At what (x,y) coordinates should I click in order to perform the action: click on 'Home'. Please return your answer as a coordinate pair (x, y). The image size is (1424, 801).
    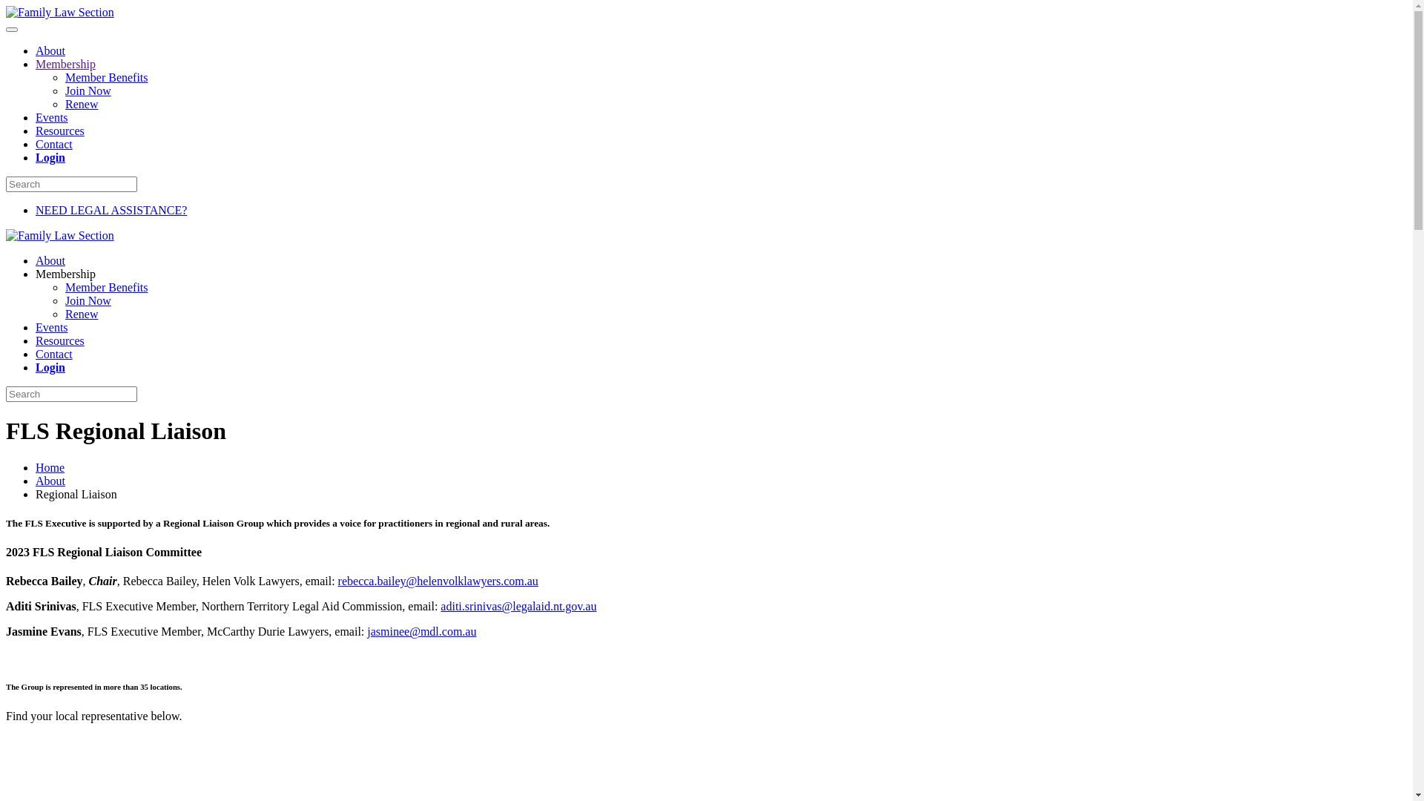
    Looking at the image, I should click on (50, 467).